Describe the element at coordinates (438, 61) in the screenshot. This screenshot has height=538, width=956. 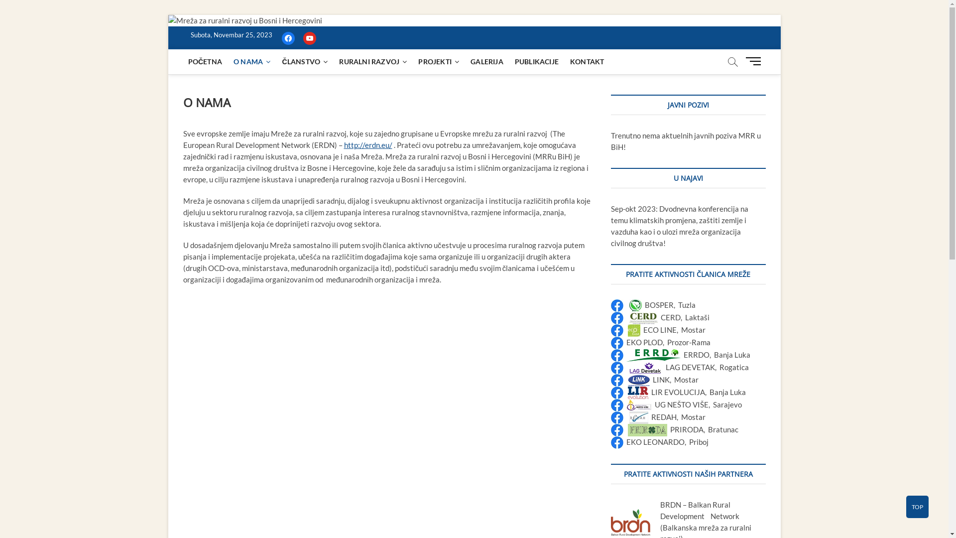
I see `'PROJEKTI'` at that location.